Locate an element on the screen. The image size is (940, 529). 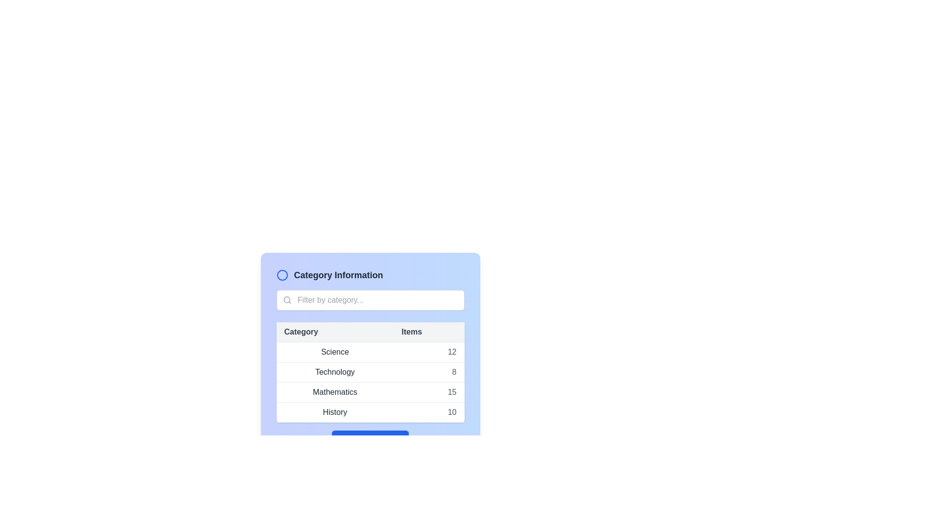
the third row of the table displaying 'Mathematics 15', which is positioned between the rows 'Technology 8' and 'History 10' is located at coordinates (370, 392).